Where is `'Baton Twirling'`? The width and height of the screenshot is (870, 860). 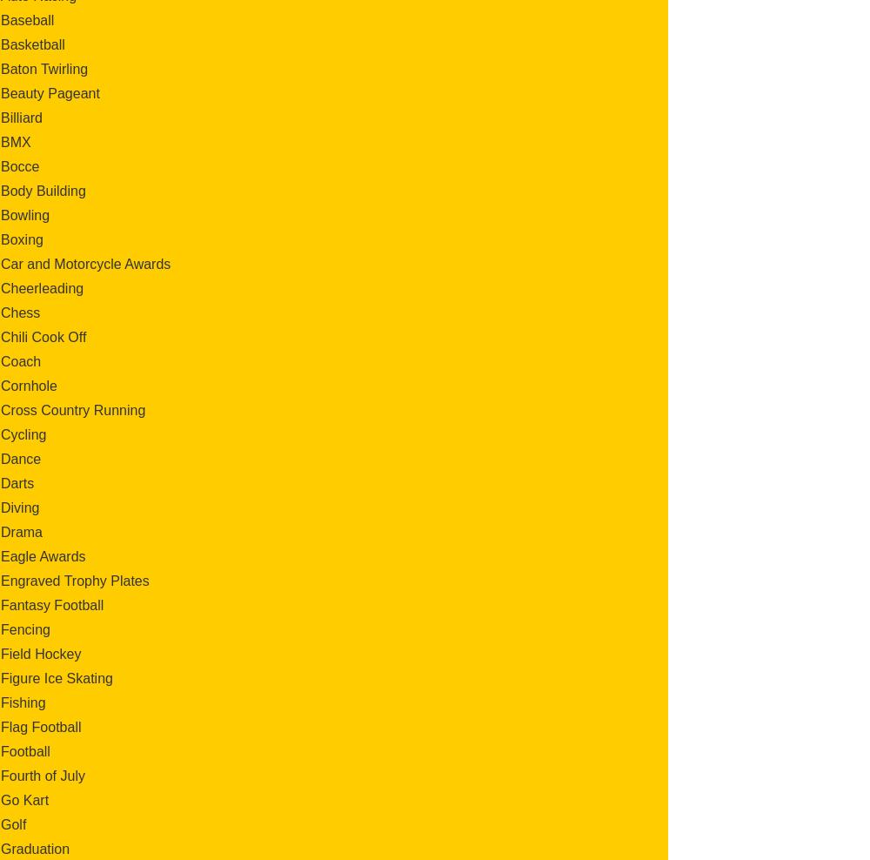
'Baton Twirling' is located at coordinates (44, 68).